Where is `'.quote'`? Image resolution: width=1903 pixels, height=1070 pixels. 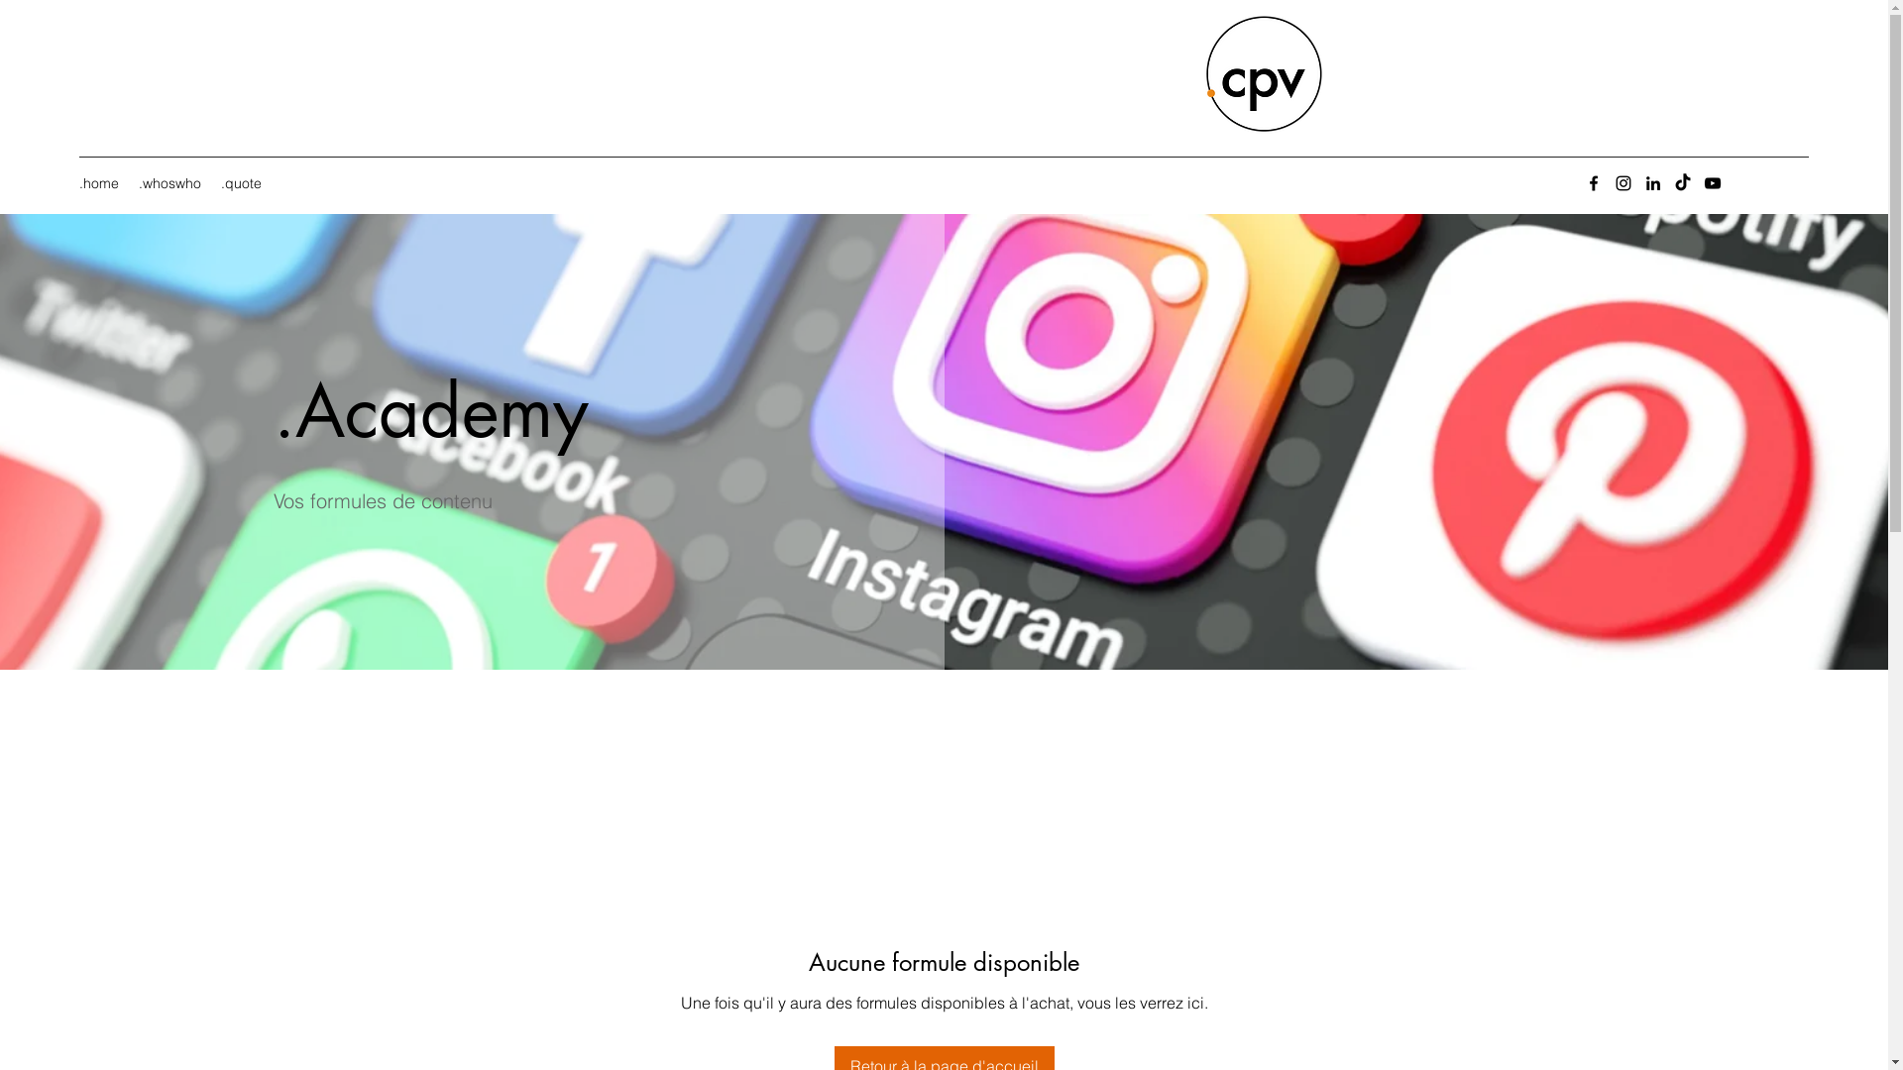
'.quote' is located at coordinates (240, 183).